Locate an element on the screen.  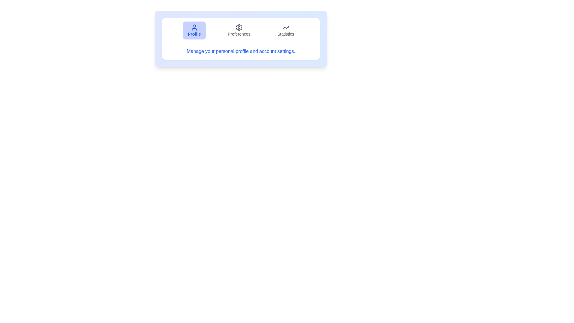
the Profile tab by clicking on its button is located at coordinates (194, 30).